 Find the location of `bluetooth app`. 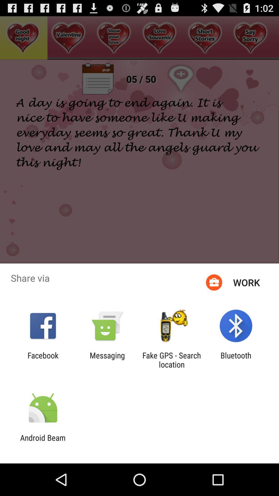

bluetooth app is located at coordinates (236, 360).